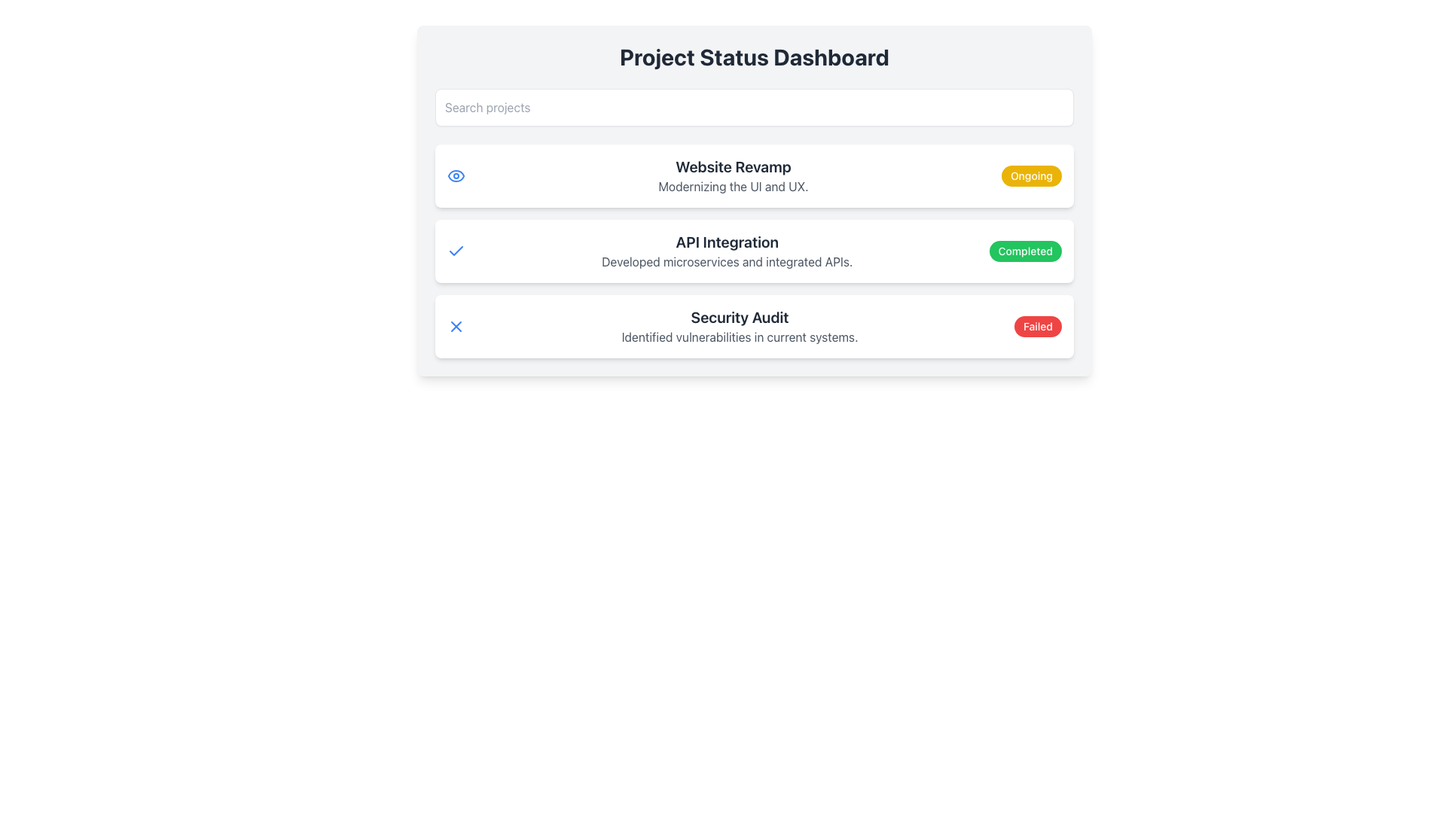 The height and width of the screenshot is (813, 1446). I want to click on the 'Website Revamp' text label, which is a prominent title element displayed in bold, black font at the top-center of the section, so click(734, 167).